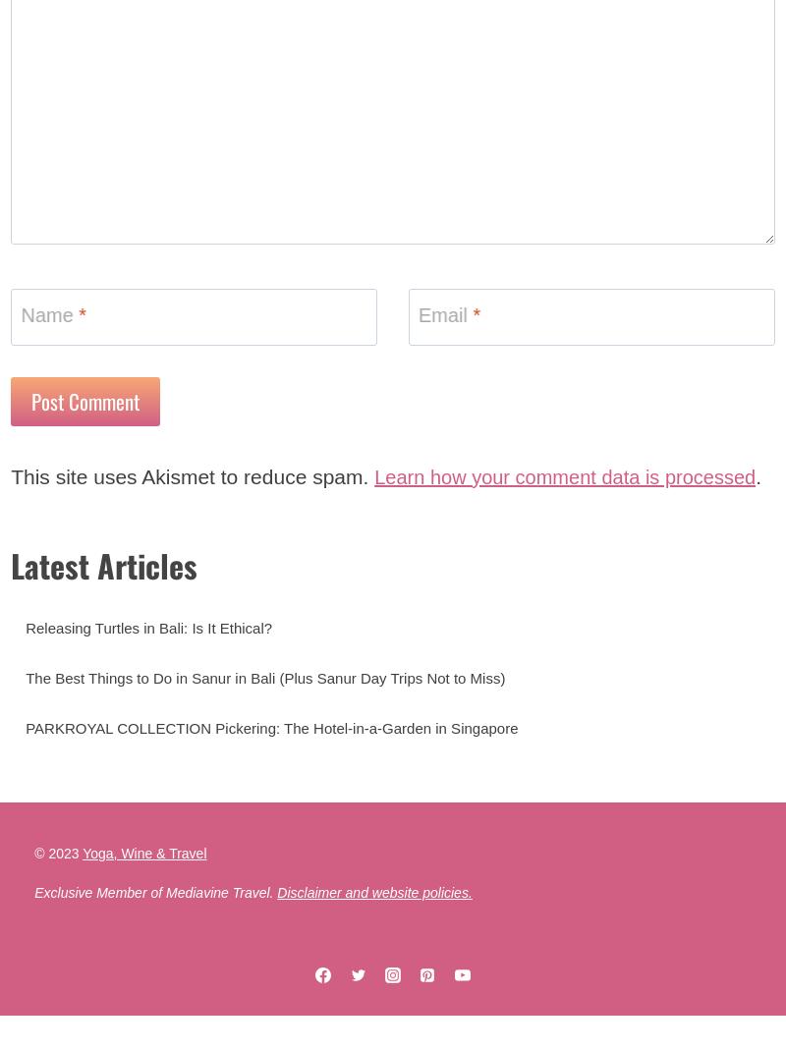  I want to click on 'This site uses Akismet to reduce spam.', so click(11, 490).